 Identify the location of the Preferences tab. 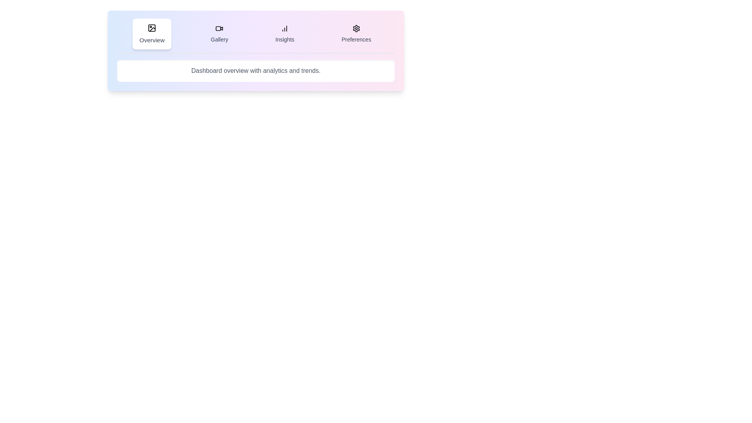
(356, 34).